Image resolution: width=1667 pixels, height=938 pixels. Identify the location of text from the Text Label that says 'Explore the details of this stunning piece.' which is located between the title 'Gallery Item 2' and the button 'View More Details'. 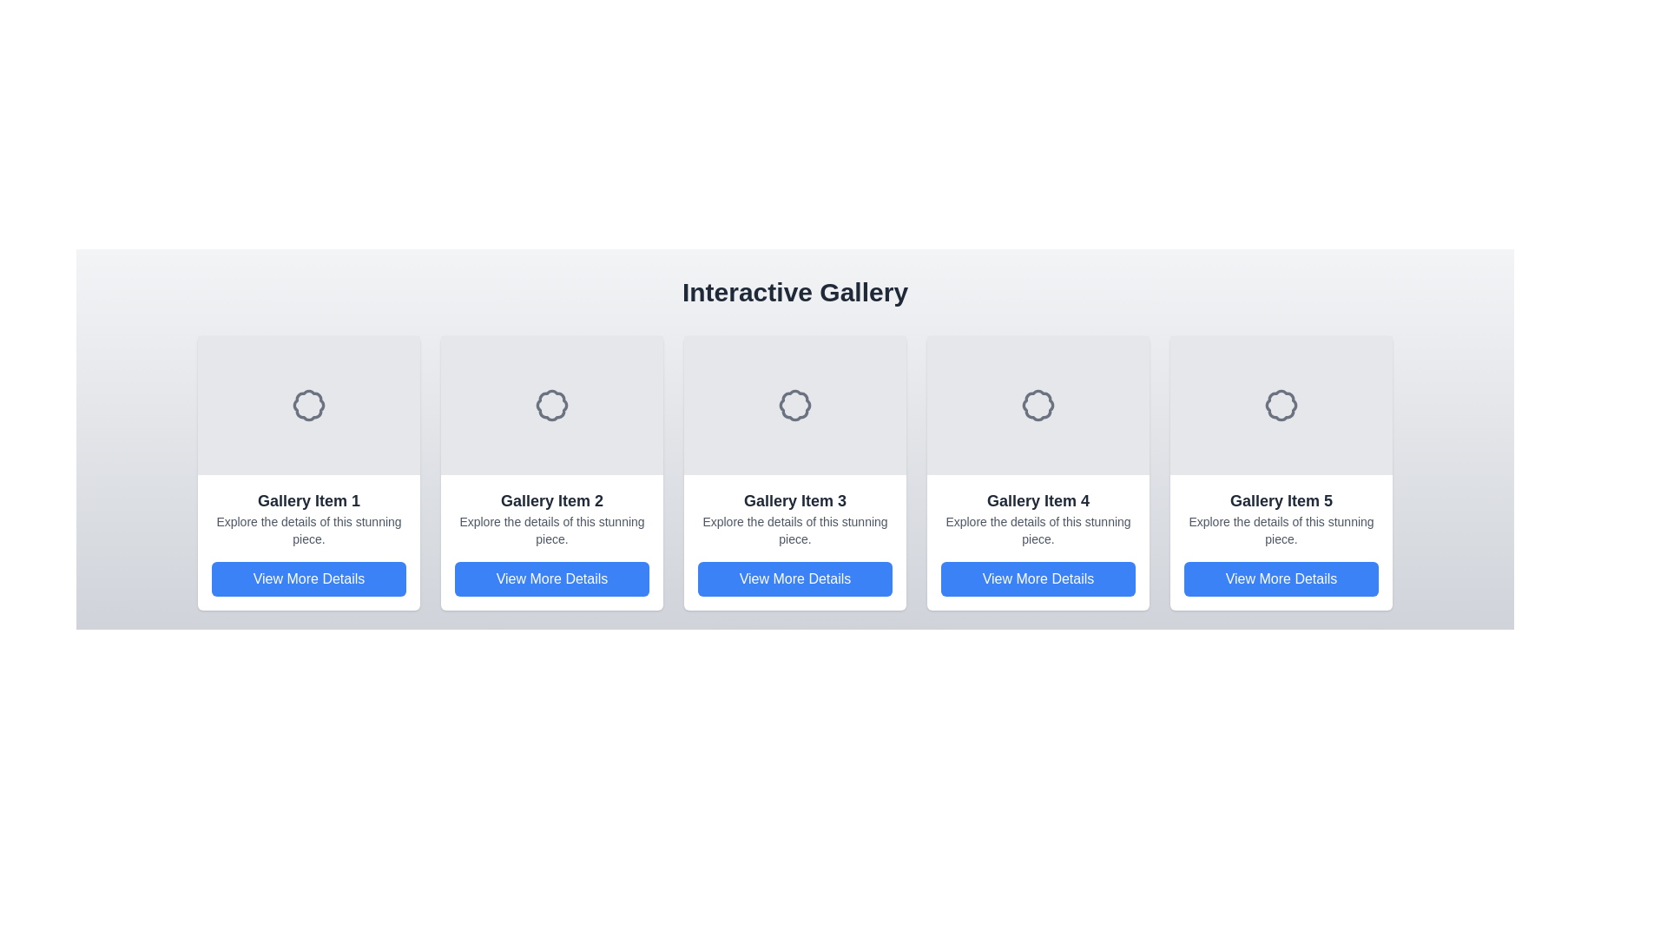
(550, 529).